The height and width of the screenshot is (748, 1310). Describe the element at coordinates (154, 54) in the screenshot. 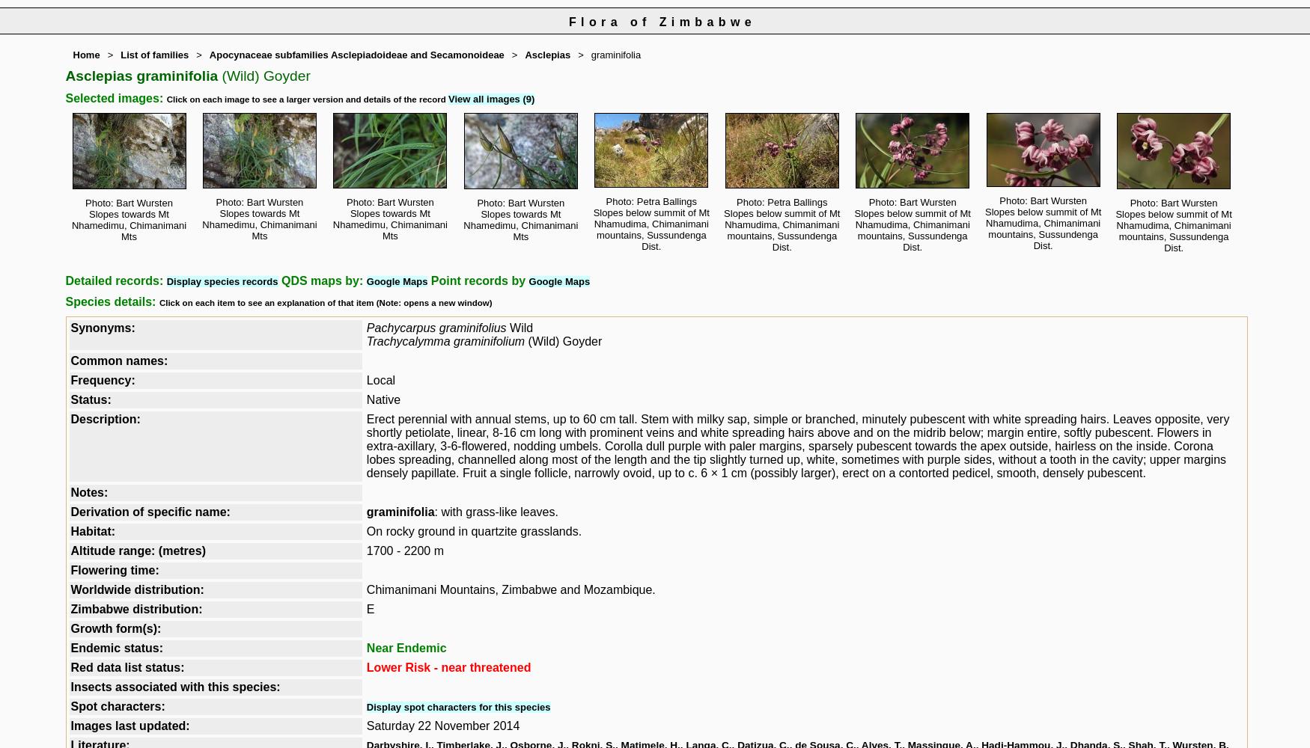

I see `'List of families'` at that location.